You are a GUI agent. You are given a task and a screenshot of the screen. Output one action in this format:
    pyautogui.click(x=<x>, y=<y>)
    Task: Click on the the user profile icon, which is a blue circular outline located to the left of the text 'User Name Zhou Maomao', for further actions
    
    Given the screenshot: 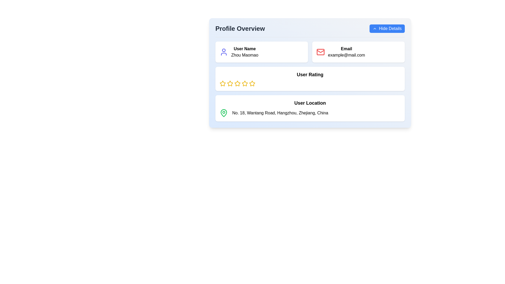 What is the action you would take?
    pyautogui.click(x=224, y=52)
    